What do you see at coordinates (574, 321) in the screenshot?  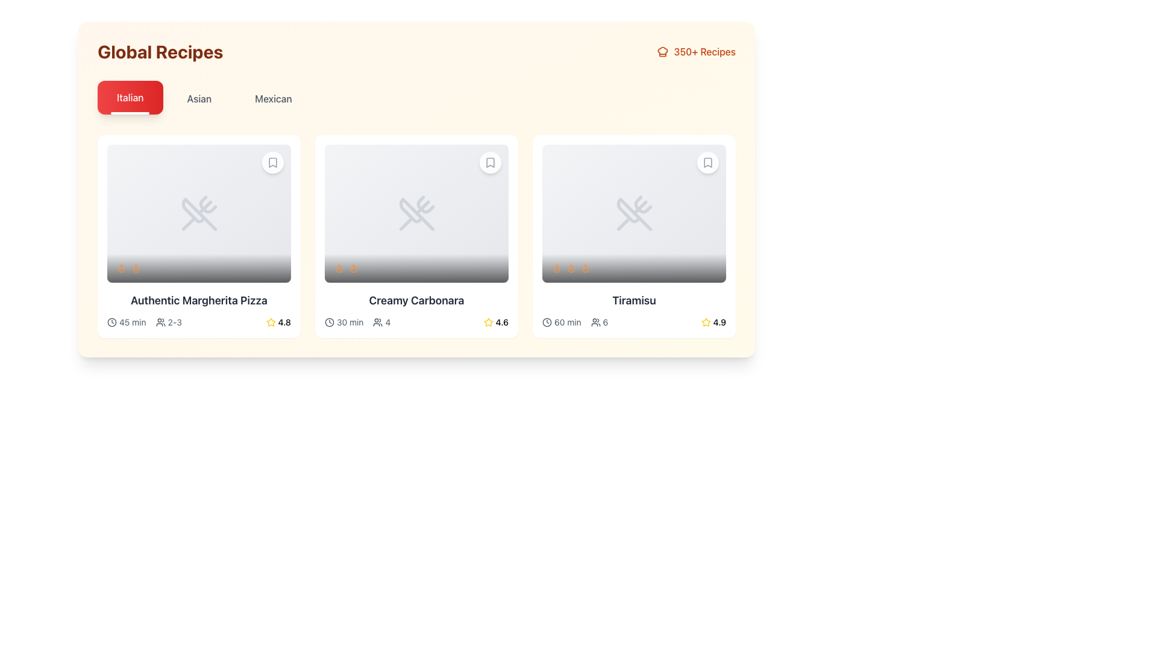 I see `the Text Label with Icons displaying '60 min' and '6' in the Tiramisu recipe card located in the third column of the recipe grid` at bounding box center [574, 321].